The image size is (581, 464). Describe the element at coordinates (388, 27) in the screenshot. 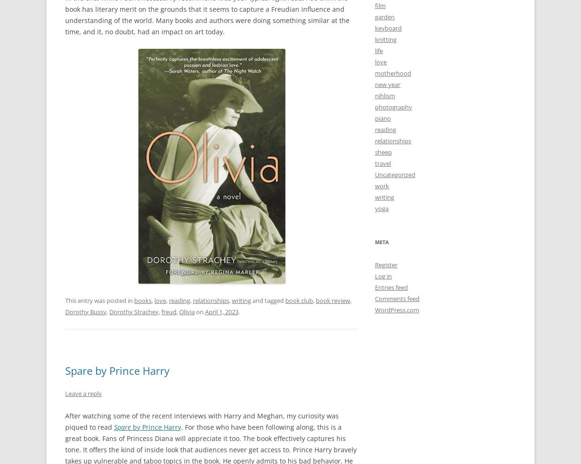

I see `'keyboard'` at that location.